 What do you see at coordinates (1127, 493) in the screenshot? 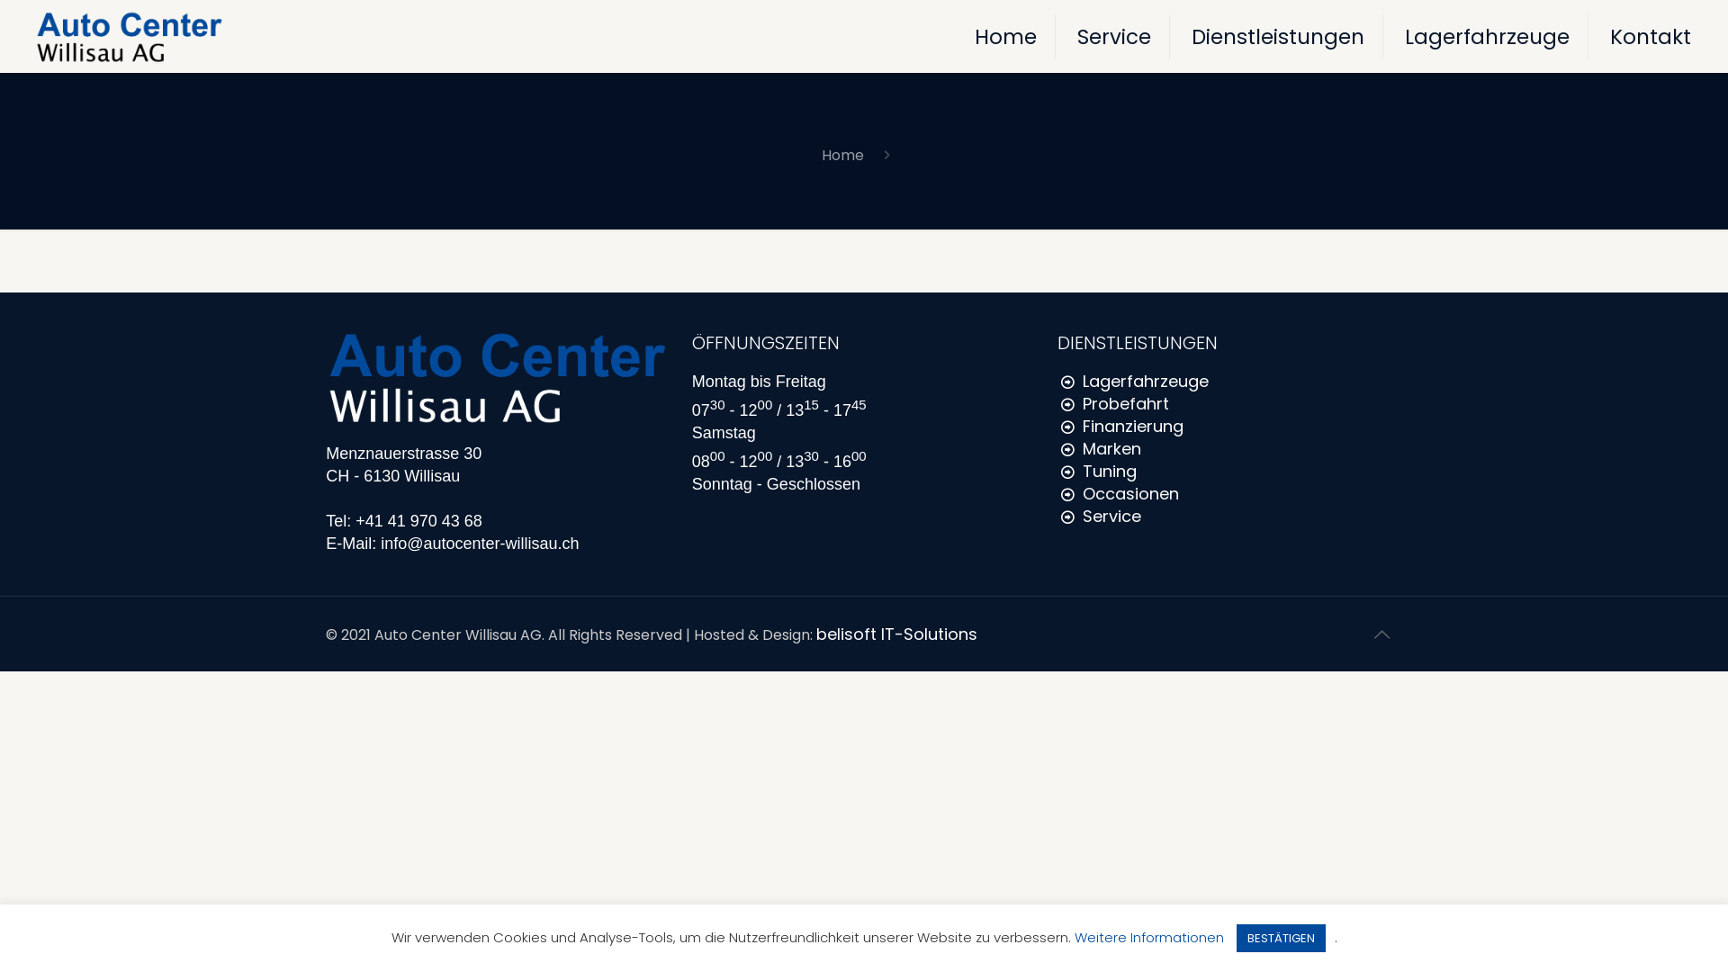
I see `'Occasionen'` at bounding box center [1127, 493].